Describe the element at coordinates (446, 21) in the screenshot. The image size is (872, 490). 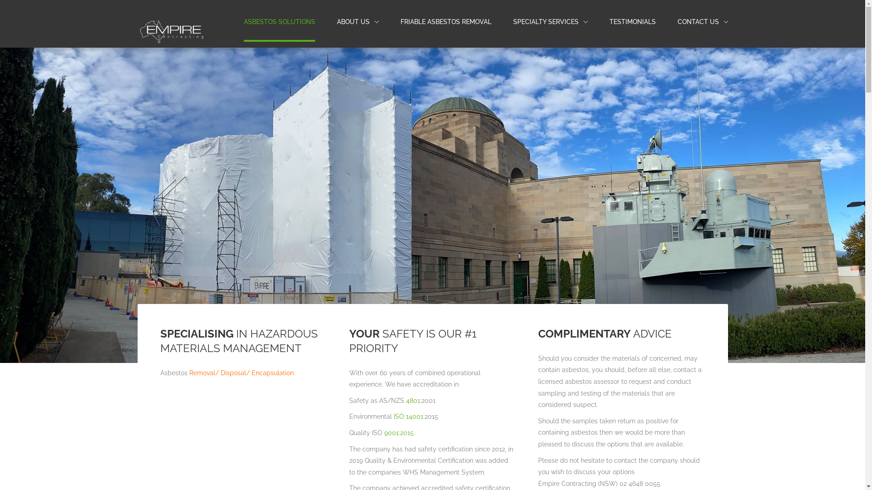
I see `'FRIABLE ASBESTOS REMOVAL'` at that location.